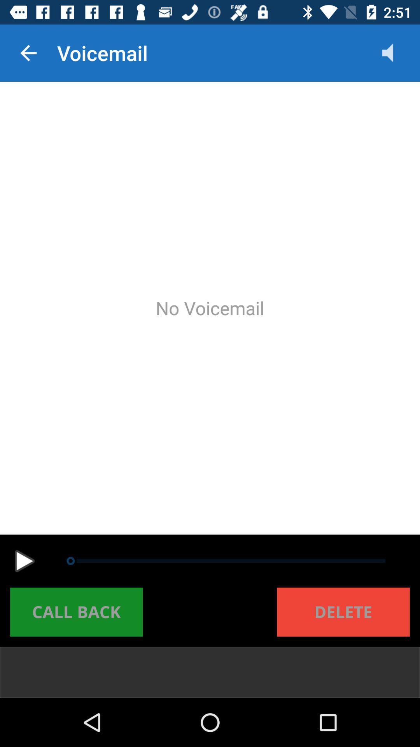  Describe the element at coordinates (395, 53) in the screenshot. I see `the item at the top right corner` at that location.